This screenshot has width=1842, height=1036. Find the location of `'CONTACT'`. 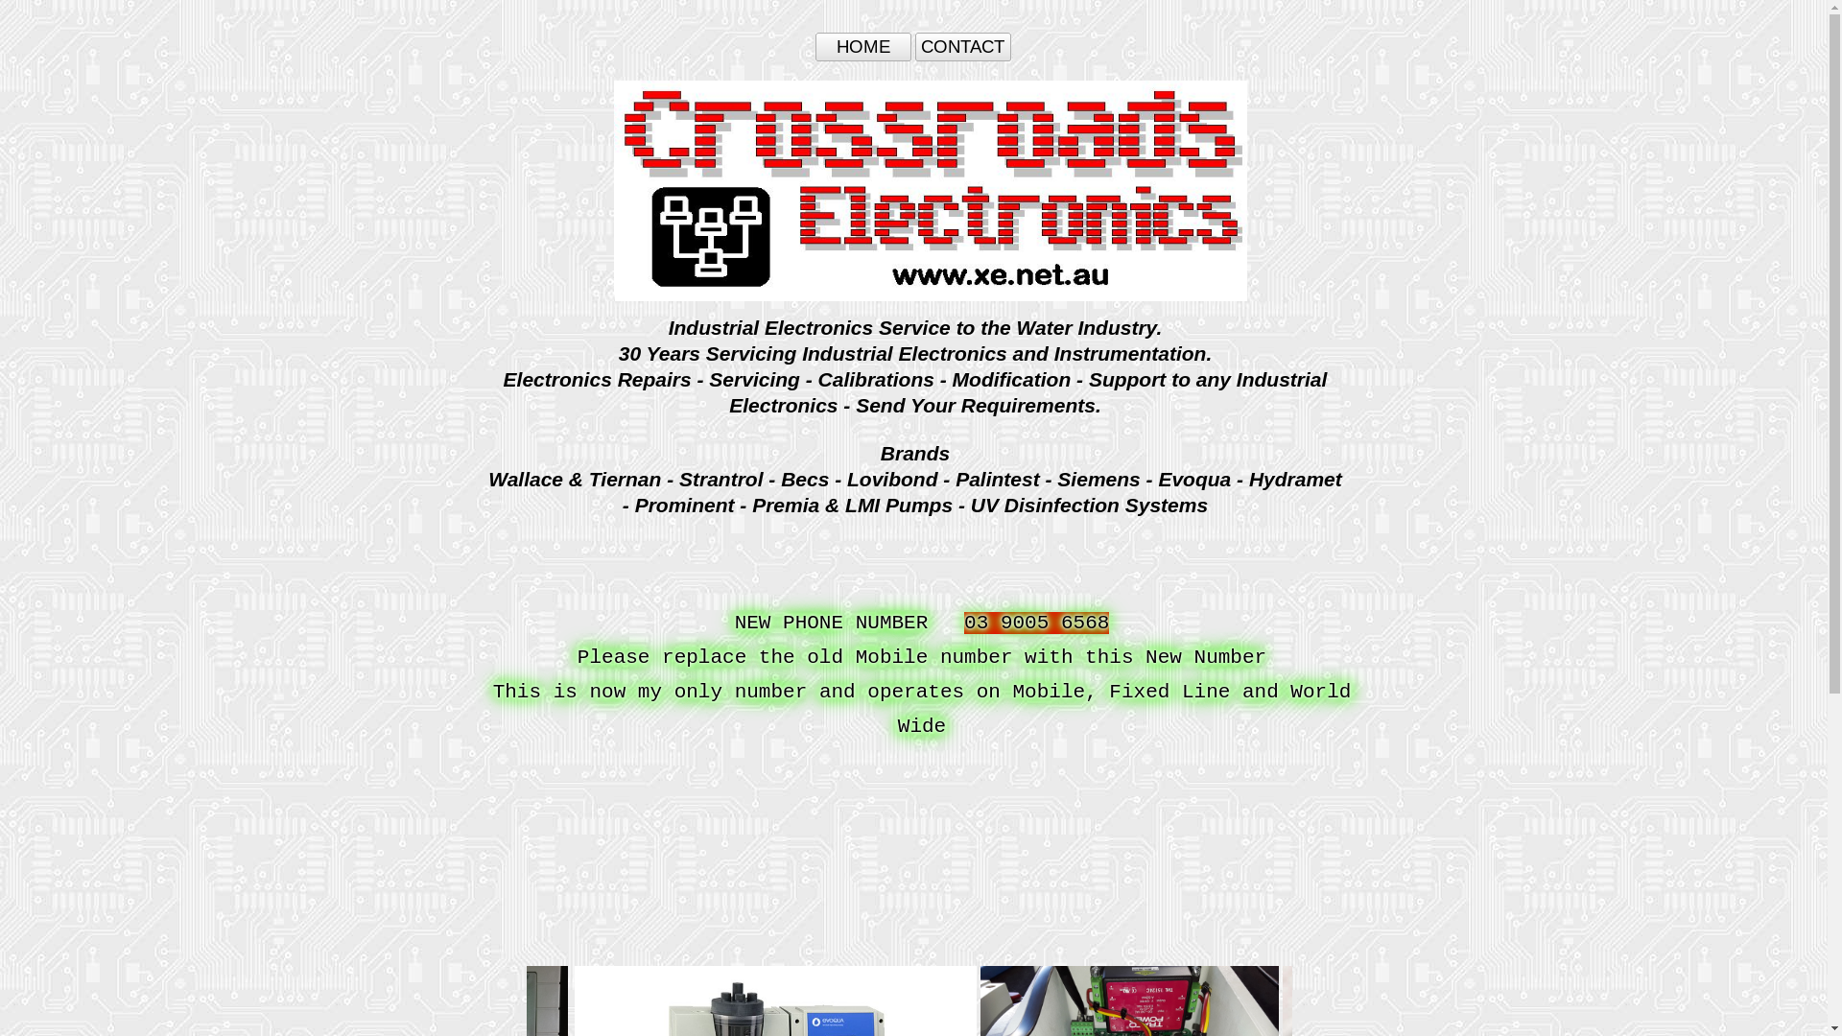

'CONTACT' is located at coordinates (914, 46).